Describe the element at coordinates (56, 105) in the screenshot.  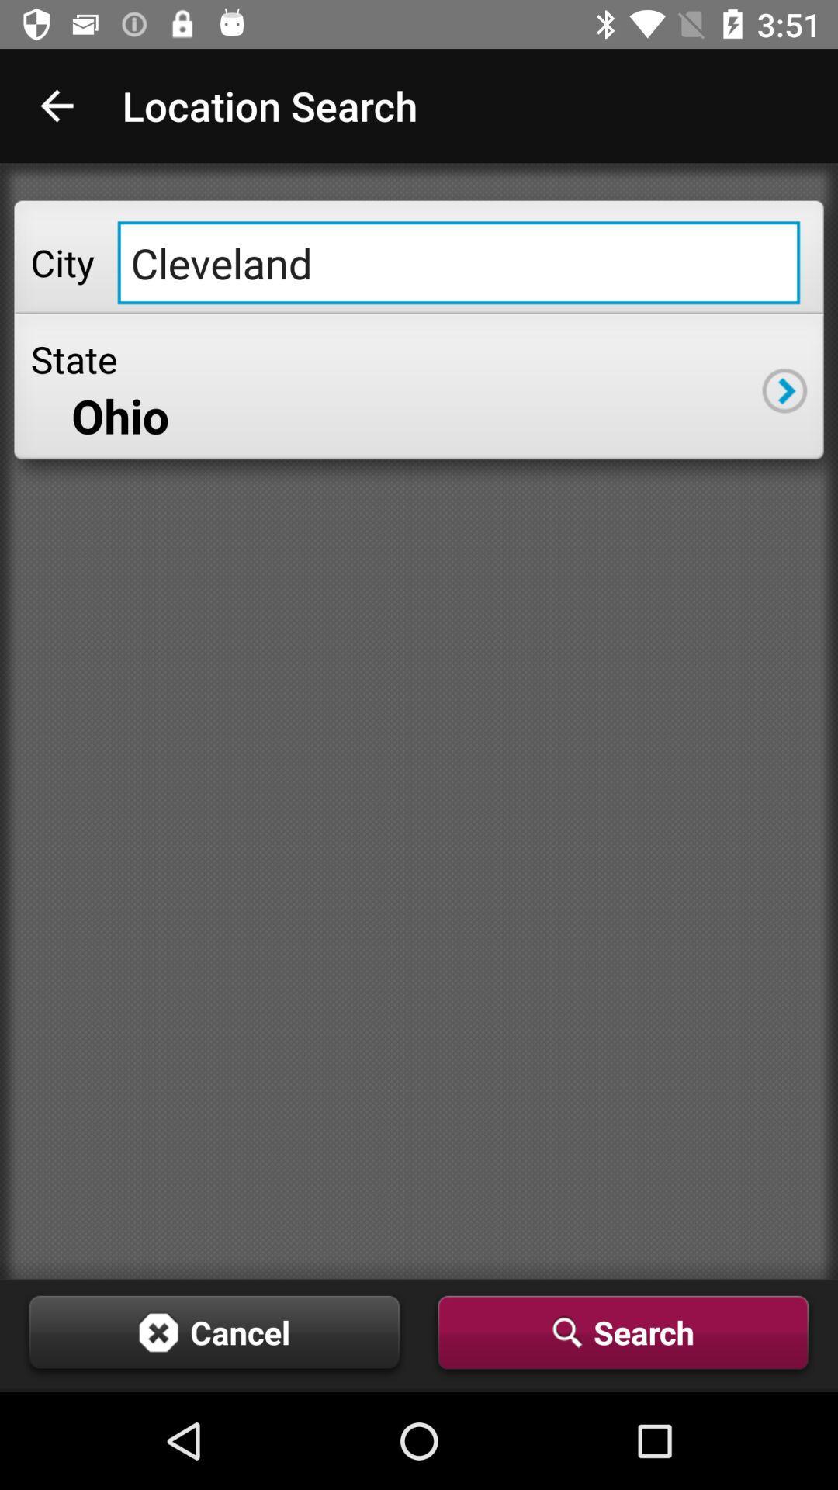
I see `icon next to the location search app` at that location.